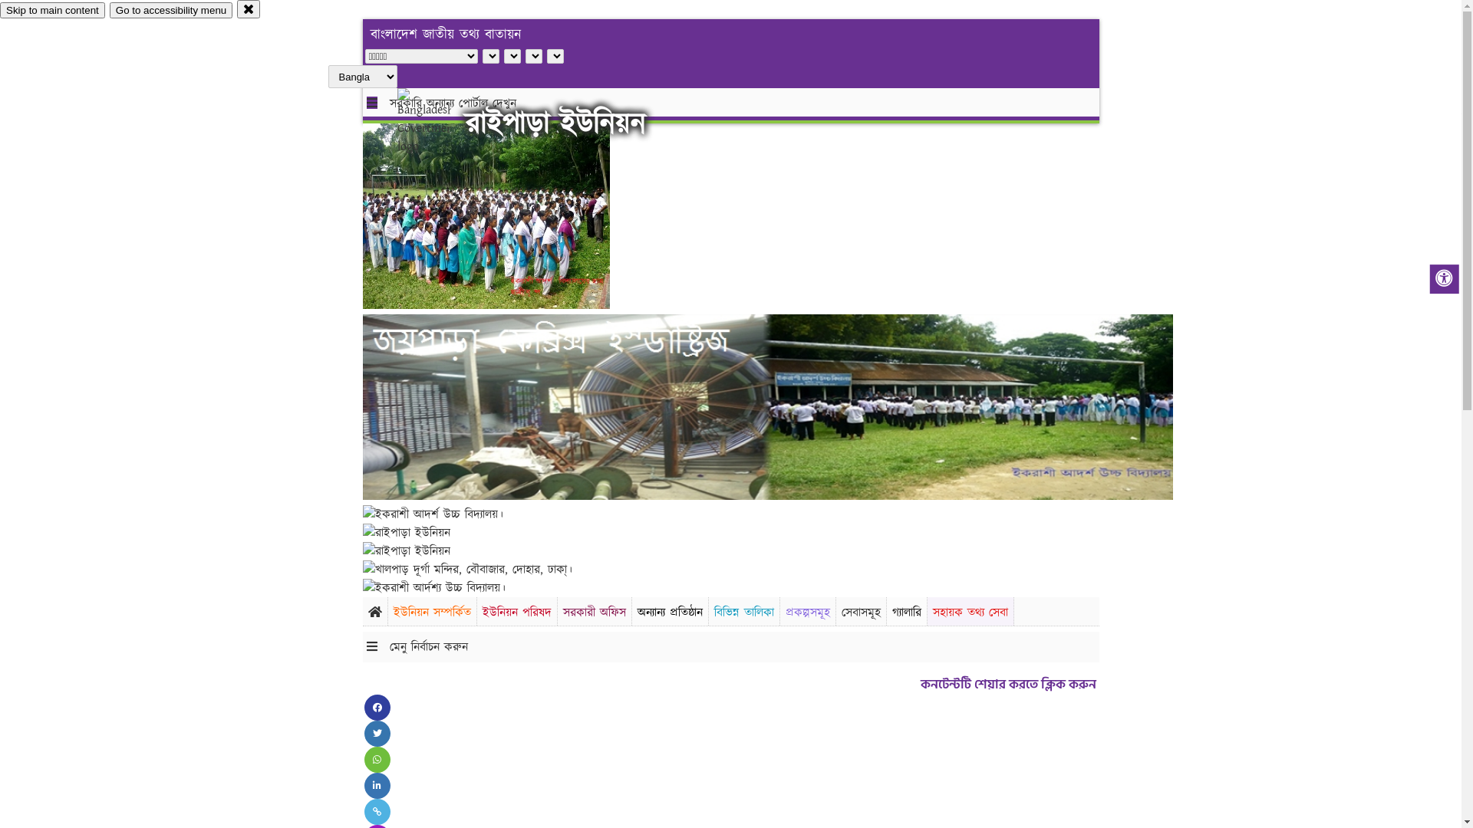 The image size is (1473, 828). I want to click on 'Go to accessibility menu', so click(170, 10).